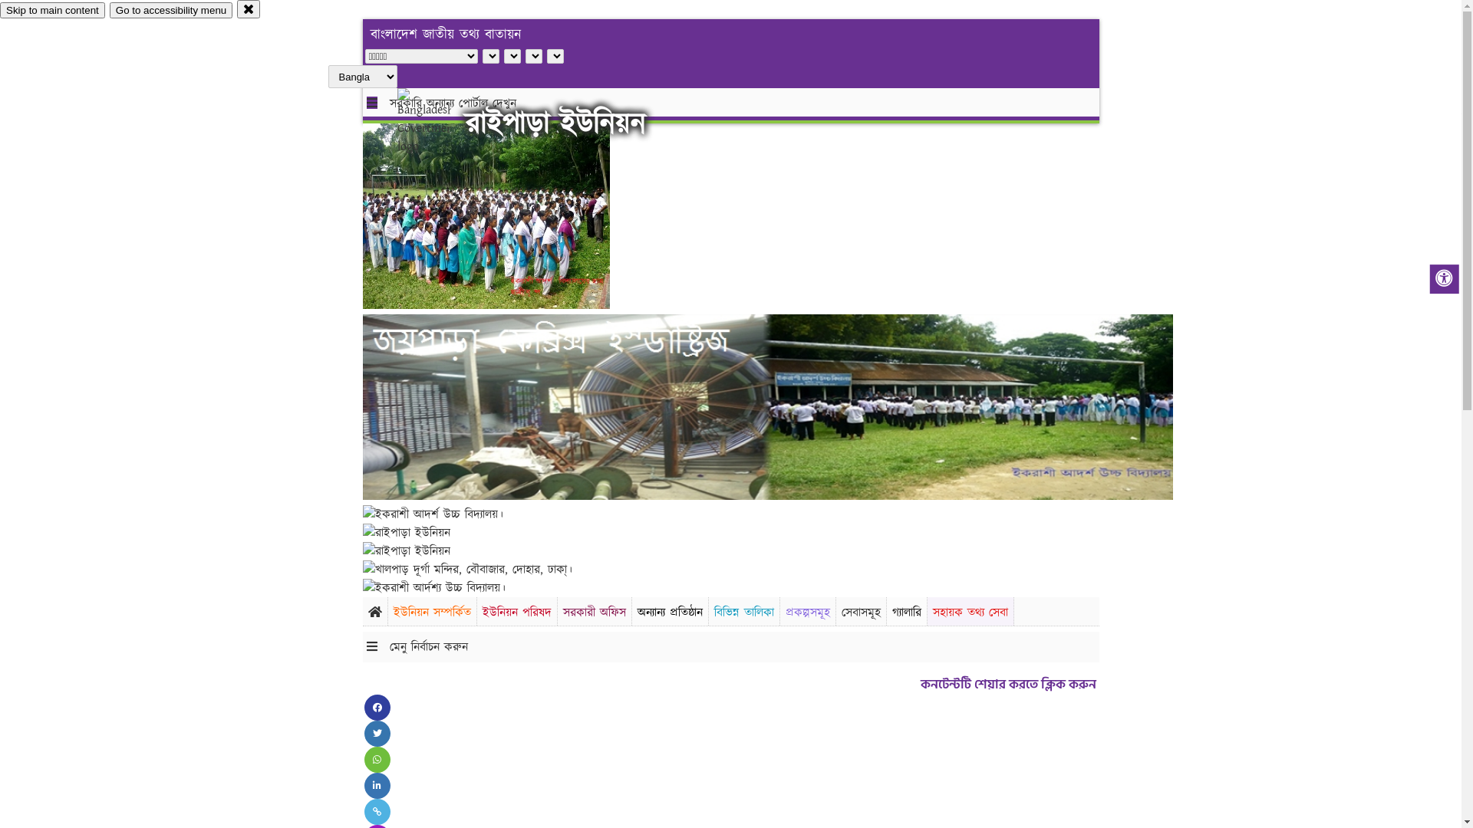 The image size is (1473, 828). I want to click on 'Go to accessibility menu', so click(170, 10).